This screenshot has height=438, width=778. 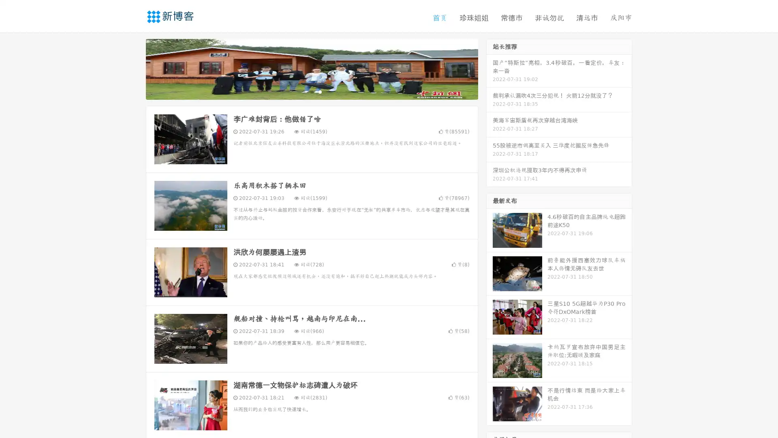 What do you see at coordinates (320, 91) in the screenshot?
I see `Go to slide 3` at bounding box center [320, 91].